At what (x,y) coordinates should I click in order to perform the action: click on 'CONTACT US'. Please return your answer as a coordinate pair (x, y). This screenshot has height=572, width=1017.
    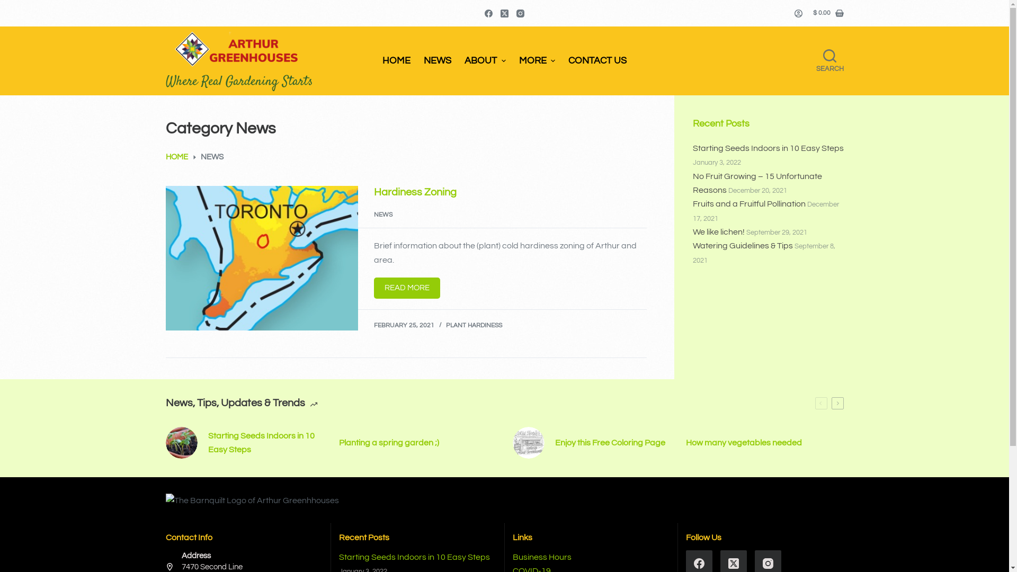
    Looking at the image, I should click on (597, 61).